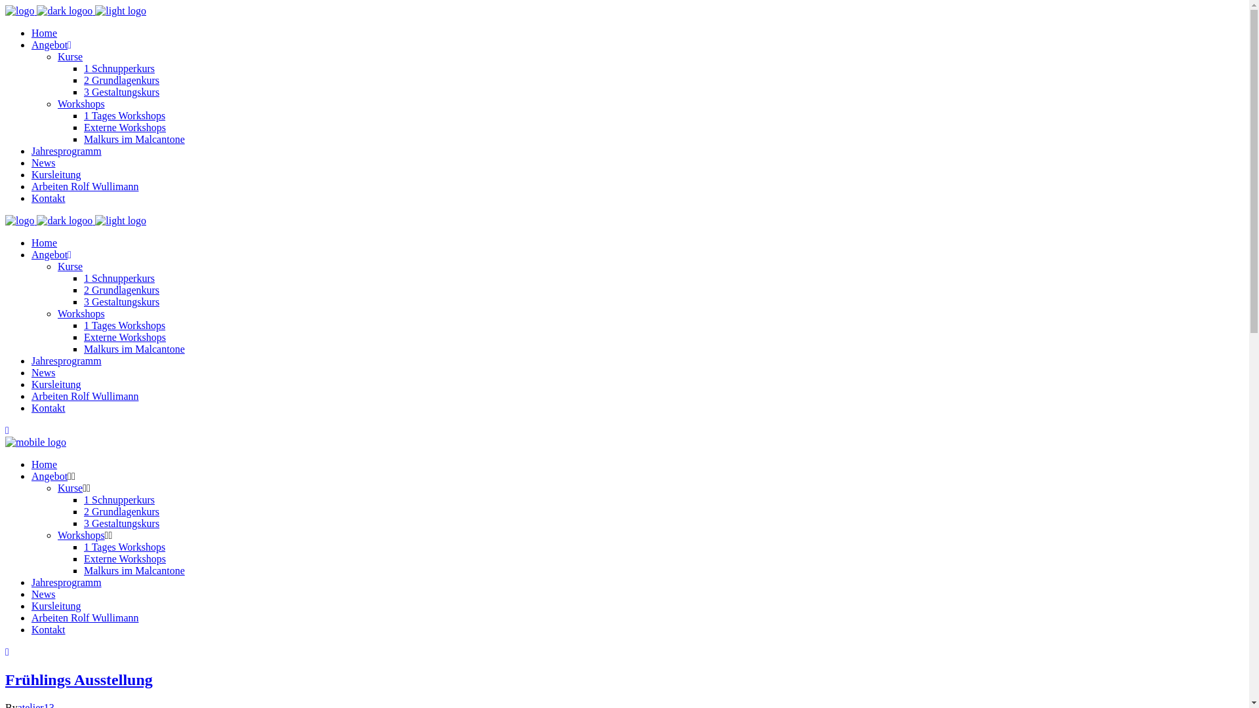 This screenshot has width=1259, height=708. What do you see at coordinates (134, 139) in the screenshot?
I see `'Malkurs im Malcantone'` at bounding box center [134, 139].